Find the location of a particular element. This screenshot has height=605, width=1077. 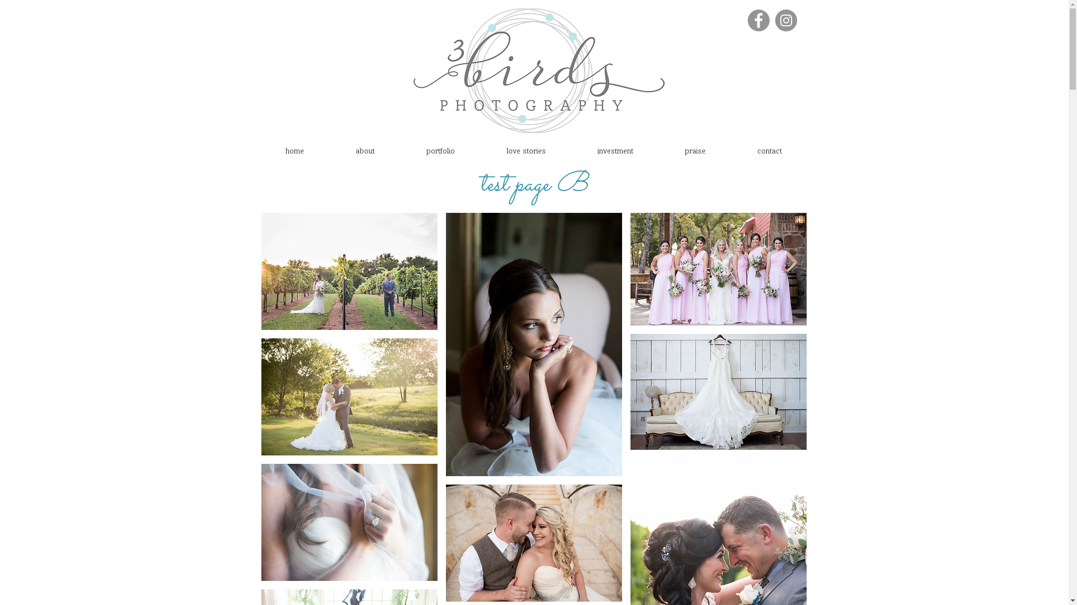

'praise' is located at coordinates (694, 151).